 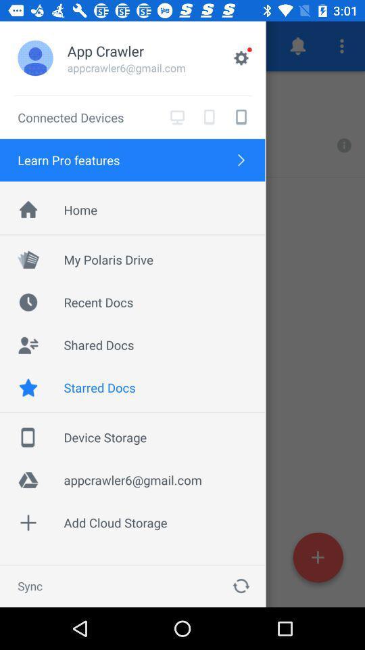 What do you see at coordinates (318, 560) in the screenshot?
I see `the add icon` at bounding box center [318, 560].